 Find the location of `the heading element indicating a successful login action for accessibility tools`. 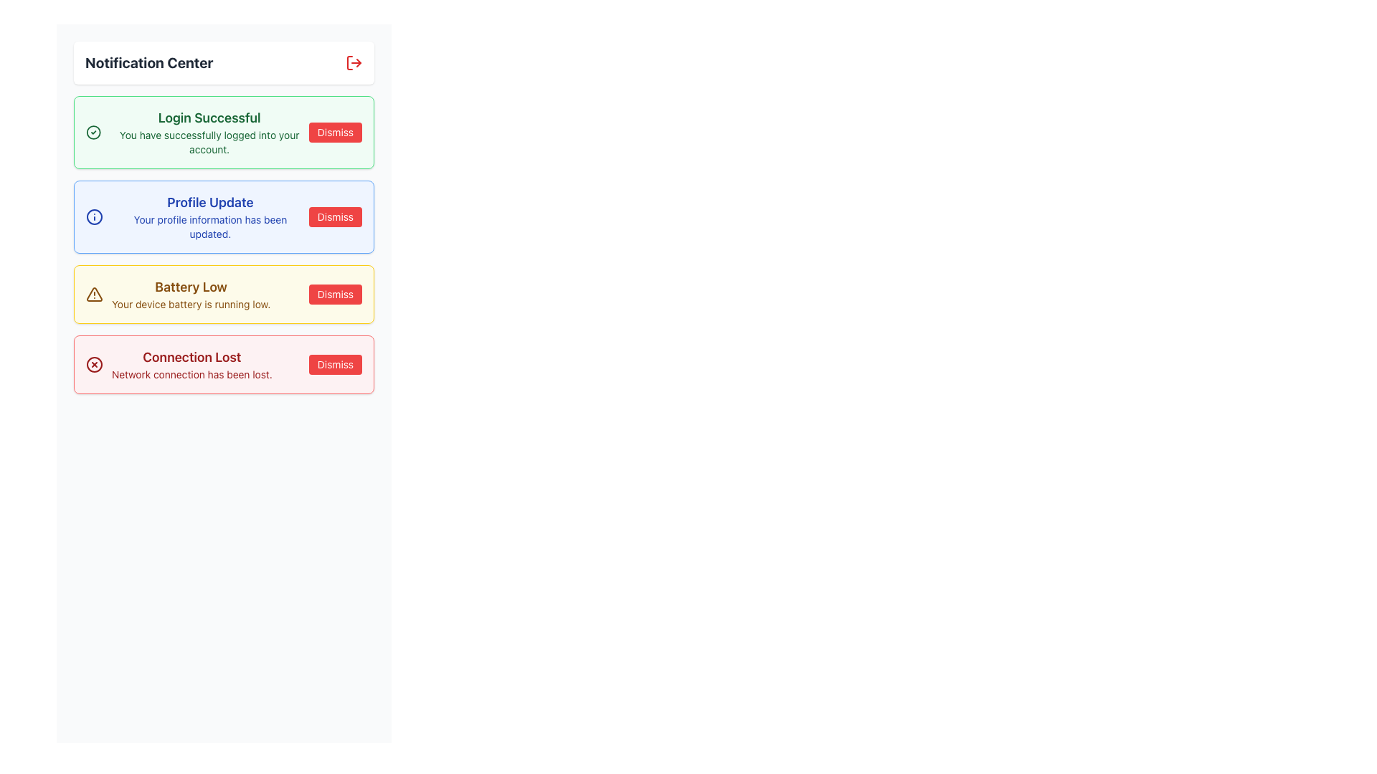

the heading element indicating a successful login action for accessibility tools is located at coordinates (209, 118).